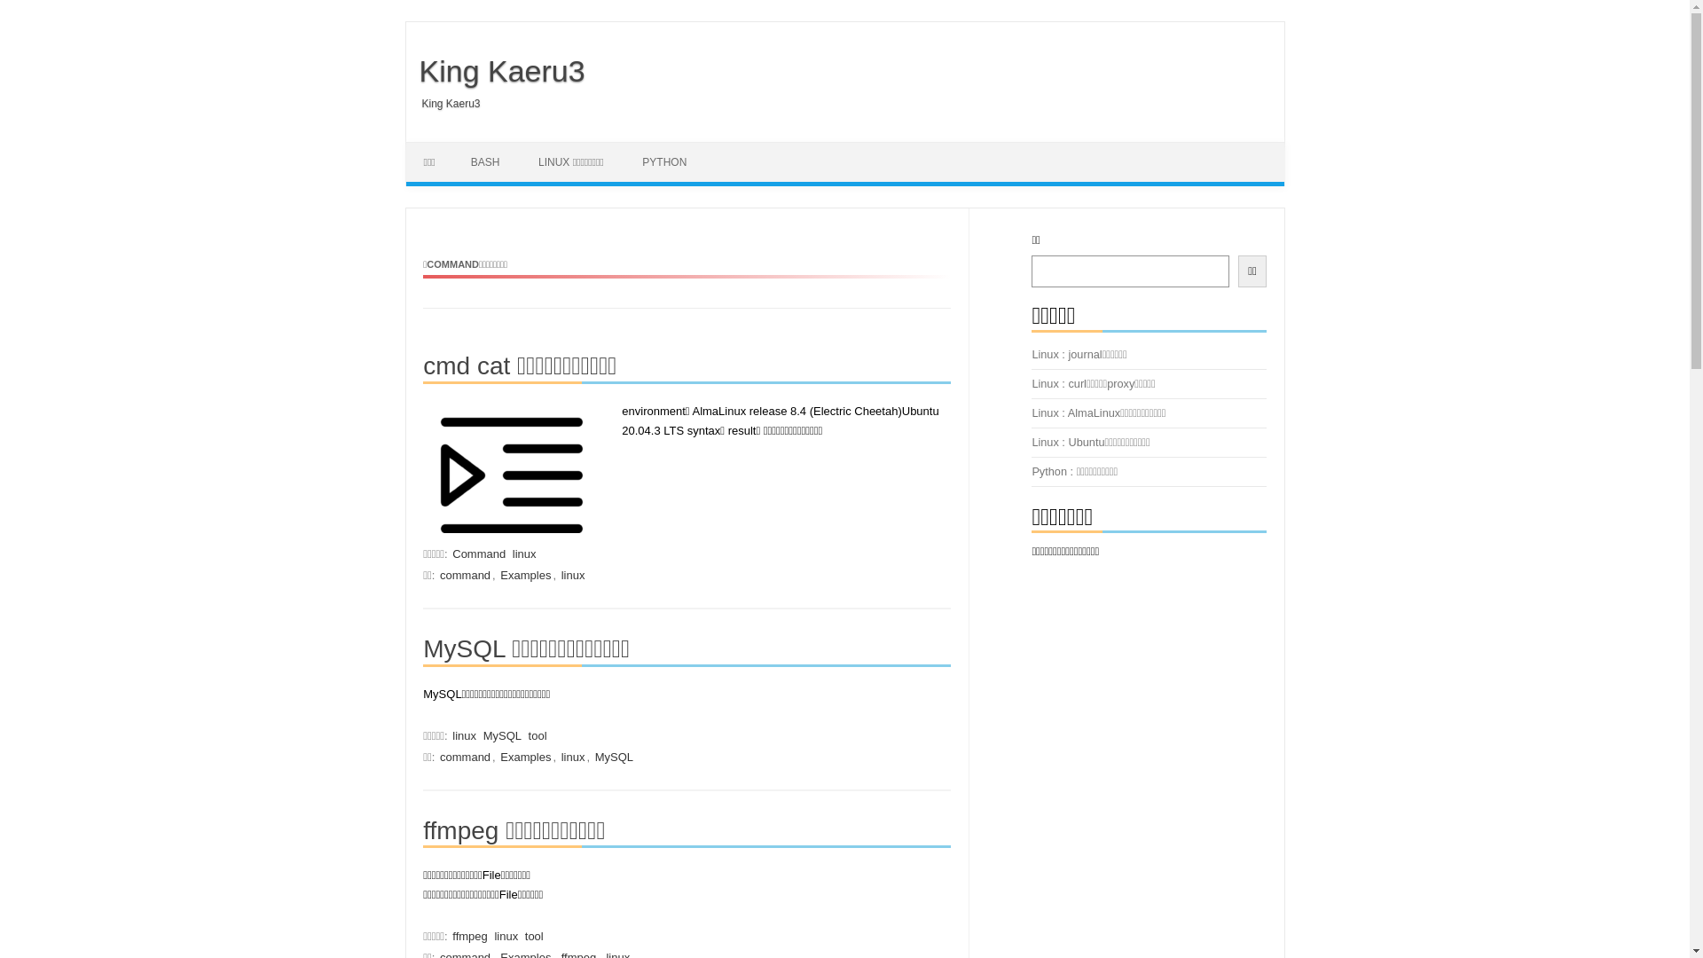  I want to click on 'MySQL', so click(614, 757).